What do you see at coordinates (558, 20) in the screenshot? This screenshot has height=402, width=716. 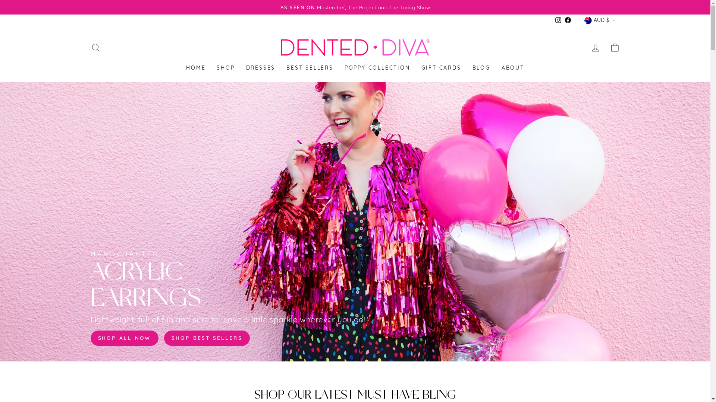 I see `'Instagram'` at bounding box center [558, 20].